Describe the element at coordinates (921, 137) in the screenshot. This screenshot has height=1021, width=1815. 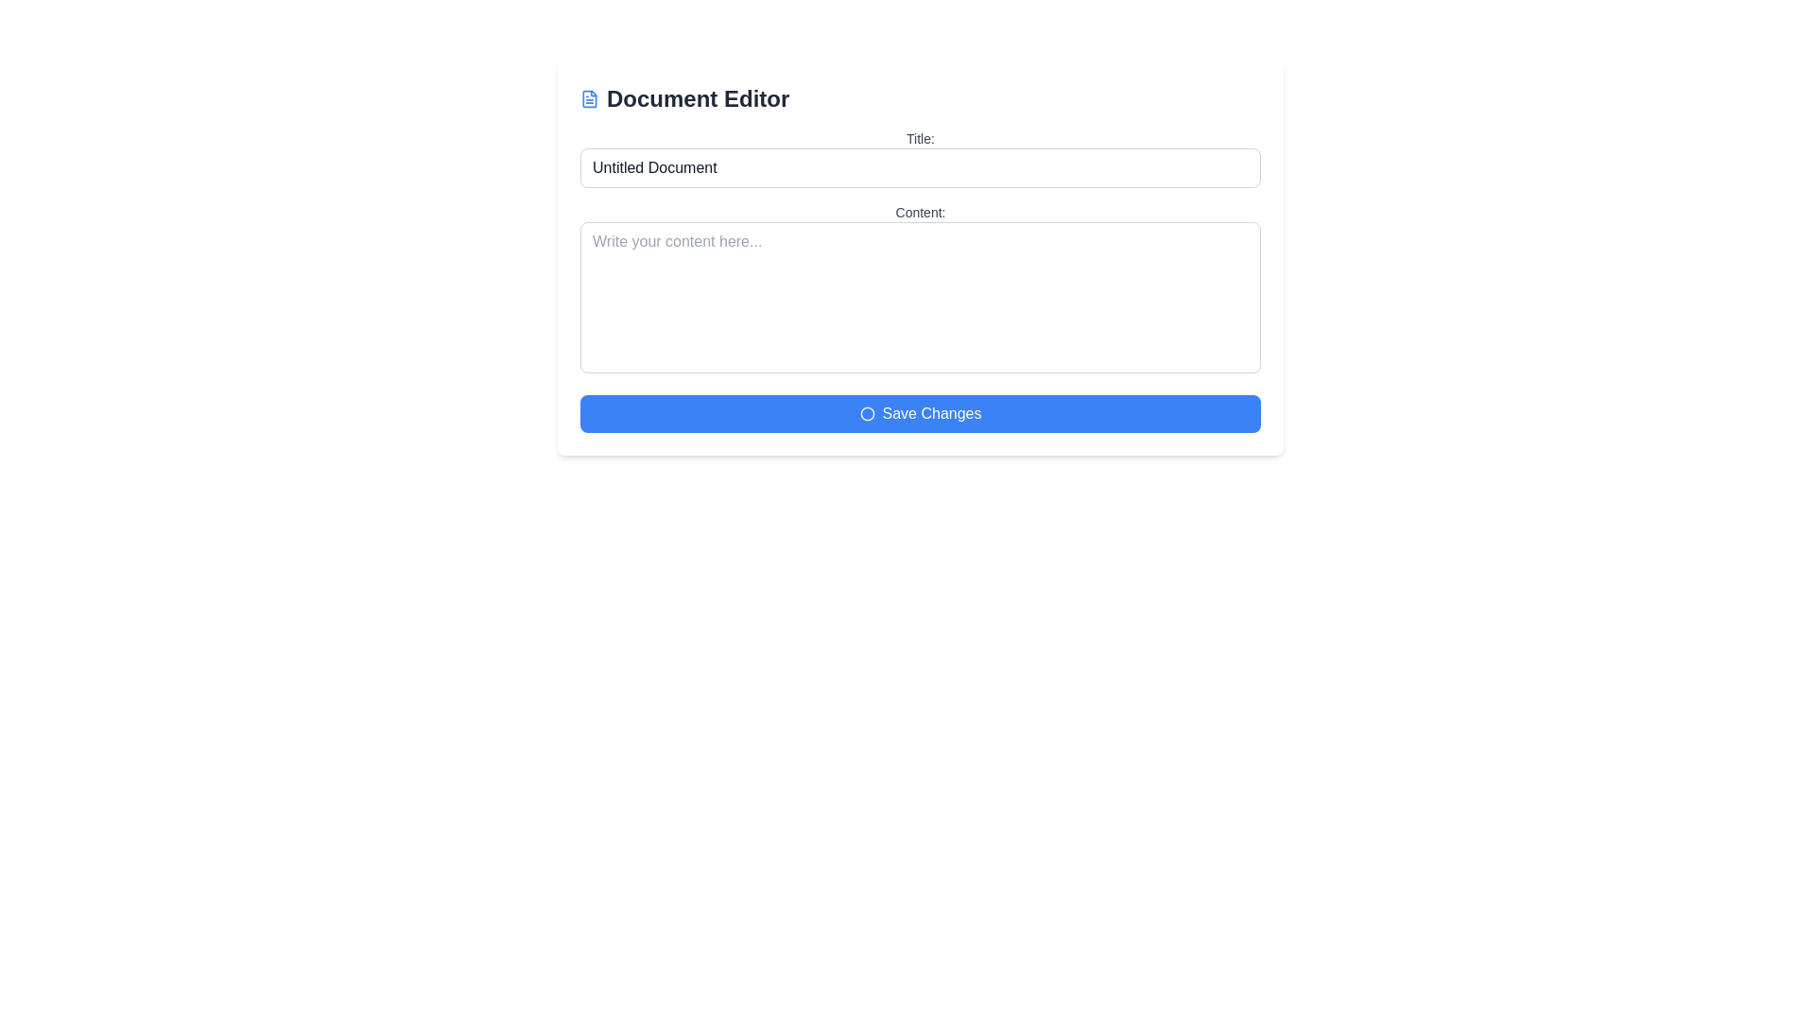
I see `text from the label positioned at the top section of the form, which is directly above the 'Untitled Document' text input field` at that location.